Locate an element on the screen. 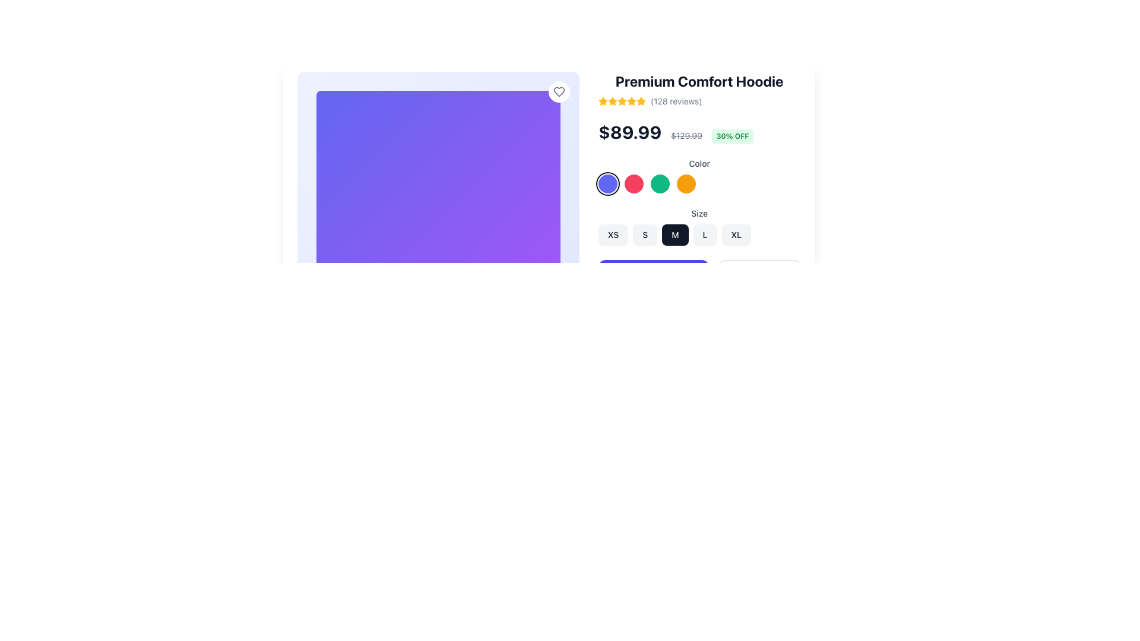 The image size is (1140, 641). price details from the price display section of the Text label group, which includes the current price ($89.99) and the original price ($129.99) with a strikethrough style, located beneath the title 'Premium Comfort Hoodie' is located at coordinates (699, 132).